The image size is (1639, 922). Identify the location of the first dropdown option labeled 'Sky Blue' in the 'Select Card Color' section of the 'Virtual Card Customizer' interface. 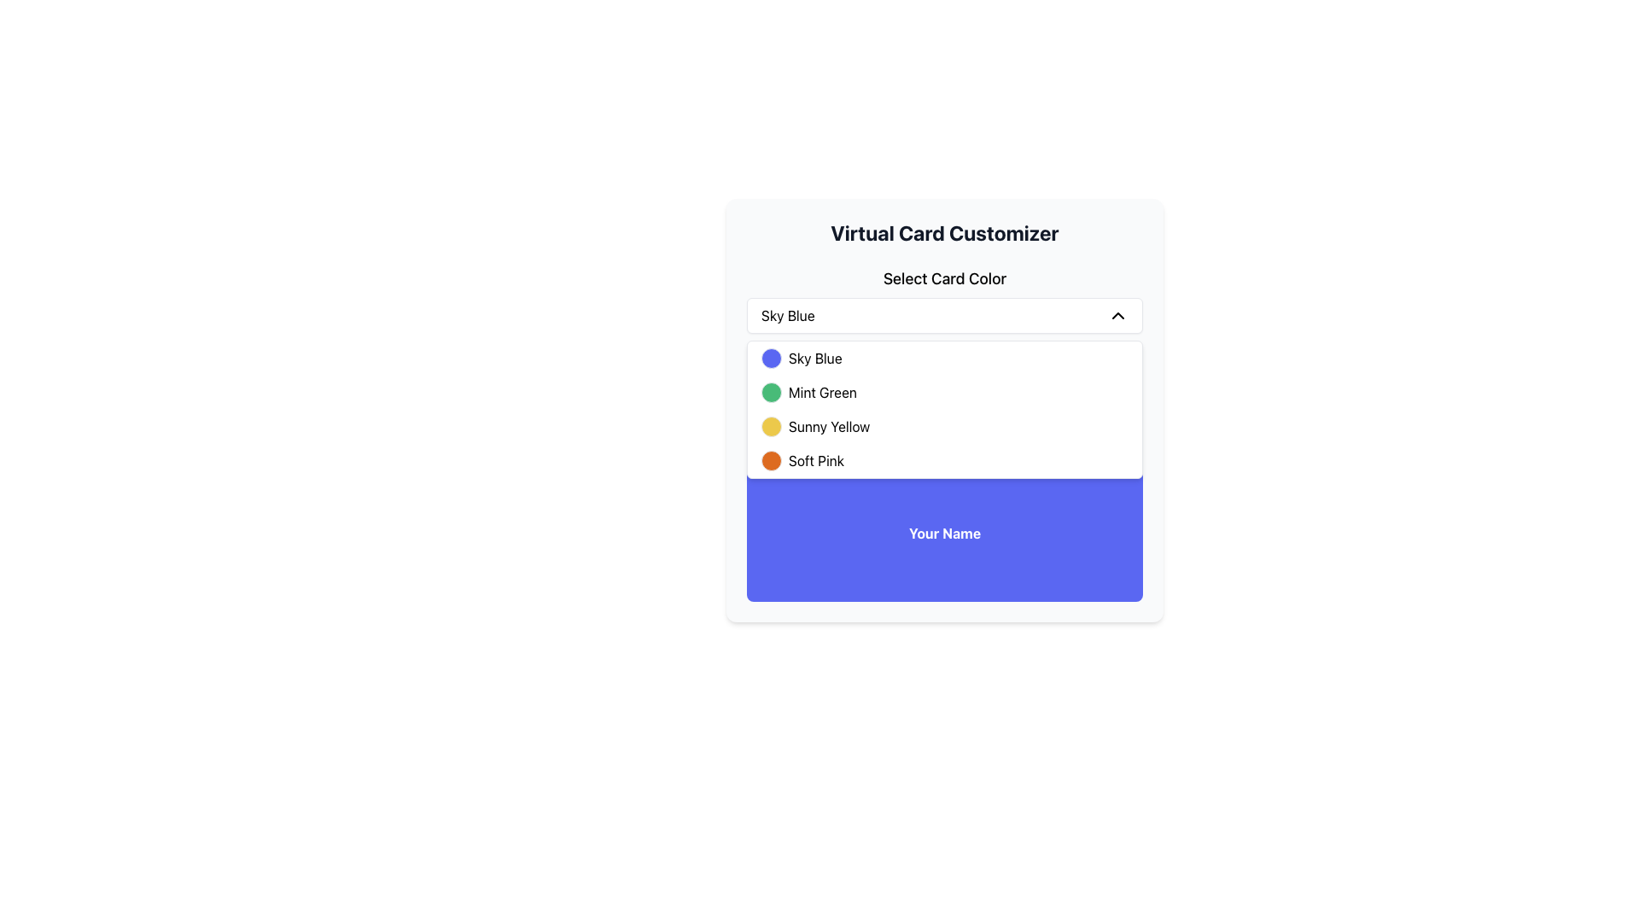
(944, 358).